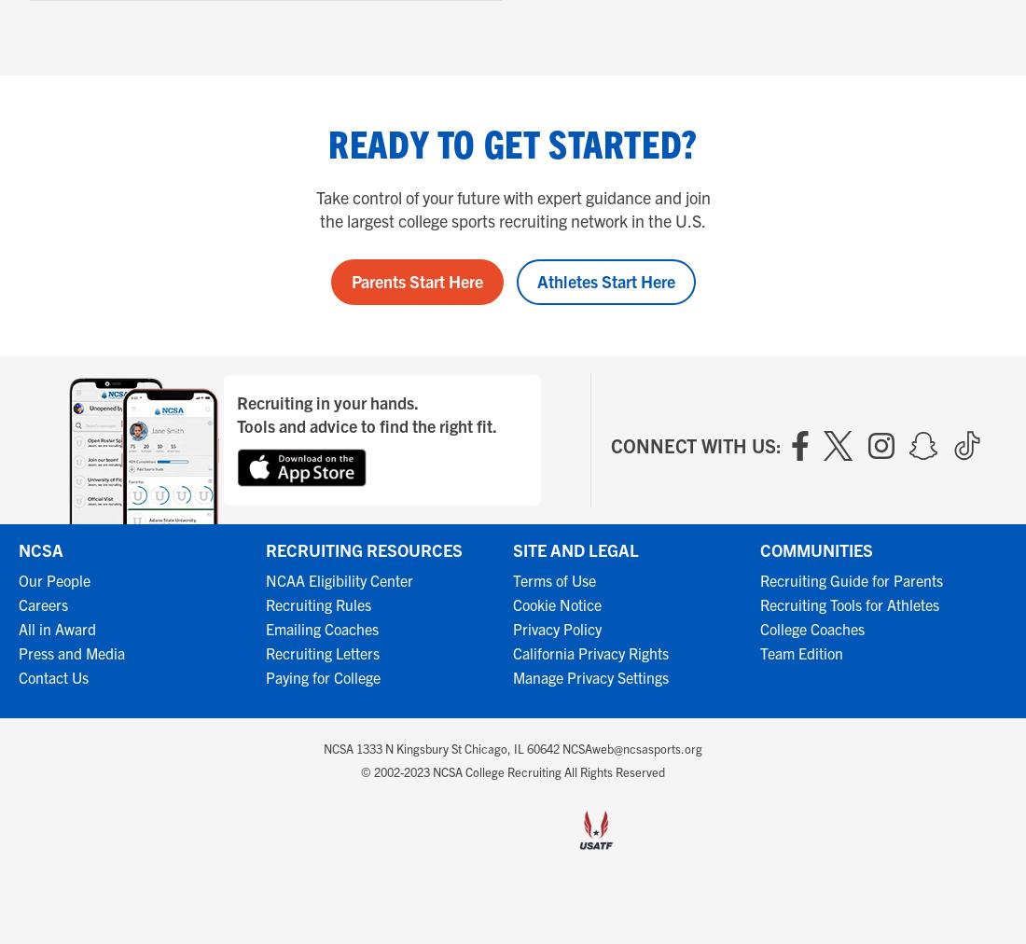 This screenshot has width=1026, height=944. What do you see at coordinates (605, 280) in the screenshot?
I see `'Athletes Start Here'` at bounding box center [605, 280].